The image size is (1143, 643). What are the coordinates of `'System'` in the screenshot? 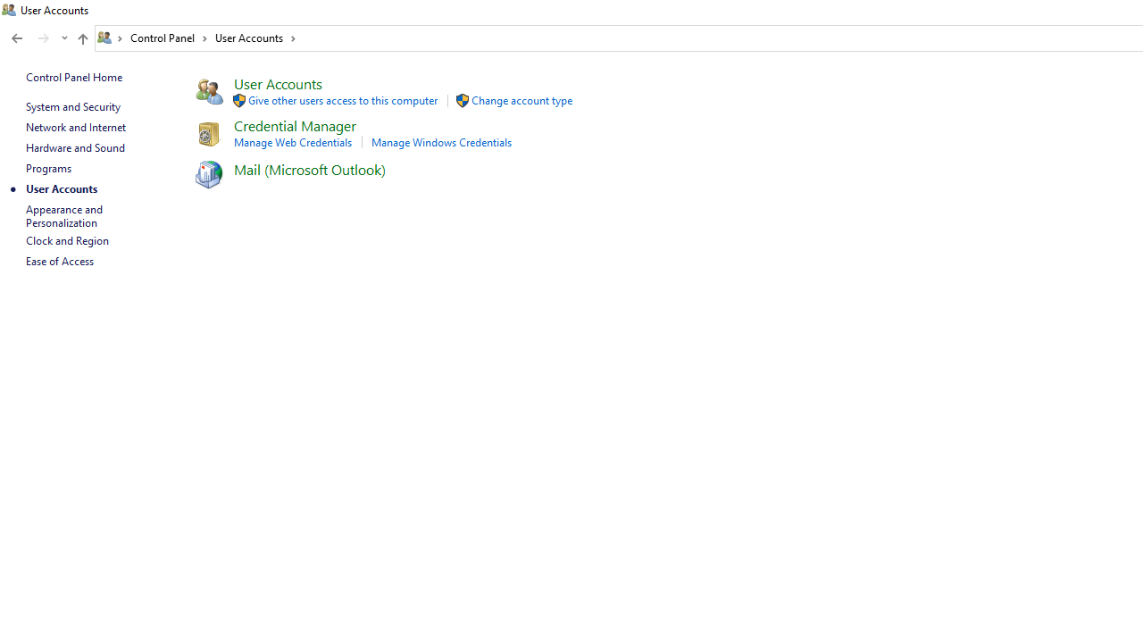 It's located at (9, 10).